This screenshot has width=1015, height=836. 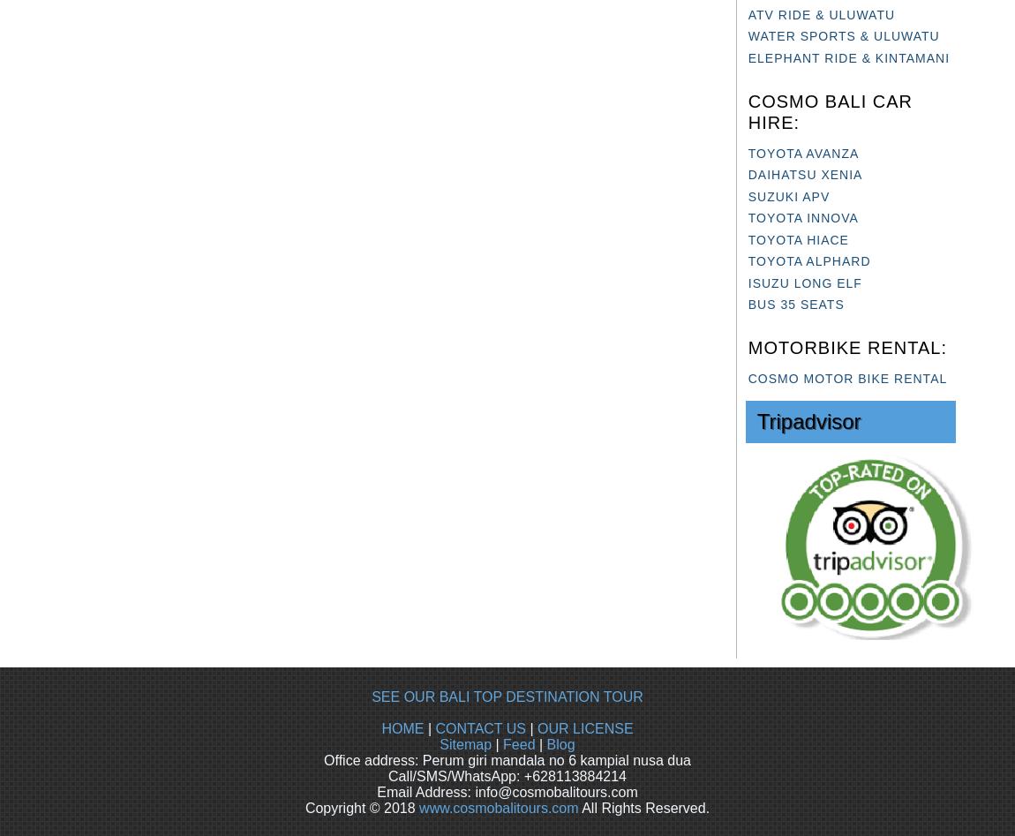 What do you see at coordinates (843, 36) in the screenshot?
I see `'WATER SPORTS & ULUWATU'` at bounding box center [843, 36].